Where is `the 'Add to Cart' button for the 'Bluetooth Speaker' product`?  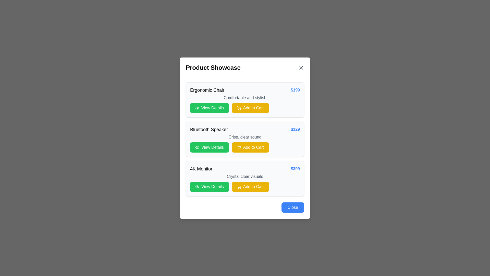 the 'Add to Cart' button for the 'Bluetooth Speaker' product is located at coordinates (245, 147).